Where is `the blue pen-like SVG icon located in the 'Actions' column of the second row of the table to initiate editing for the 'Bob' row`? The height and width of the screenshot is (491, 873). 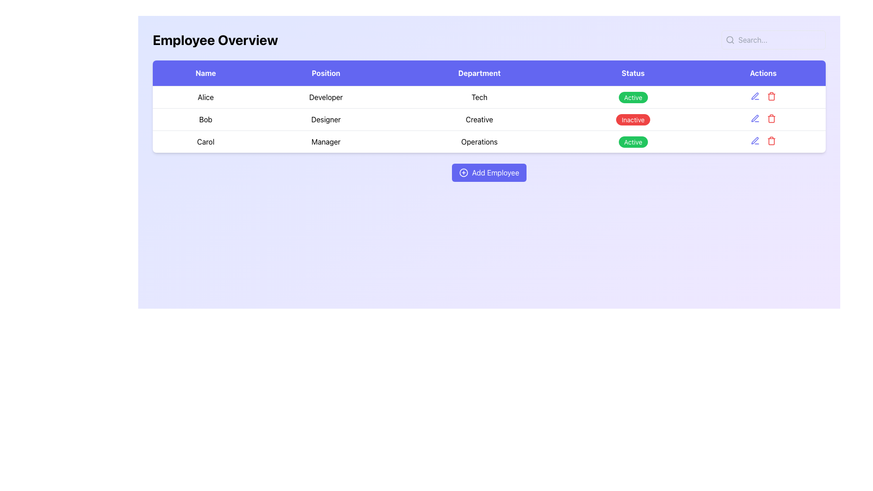 the blue pen-like SVG icon located in the 'Actions' column of the second row of the table to initiate editing for the 'Bob' row is located at coordinates (755, 118).